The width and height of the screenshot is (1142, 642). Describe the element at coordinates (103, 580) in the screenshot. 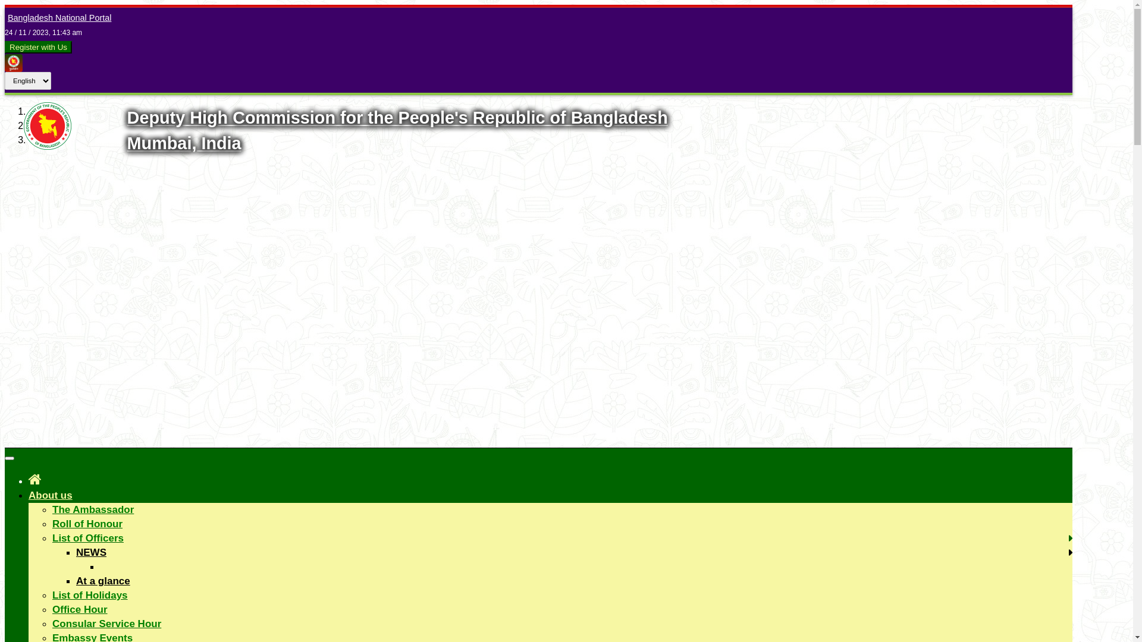

I see `'At a glance'` at that location.